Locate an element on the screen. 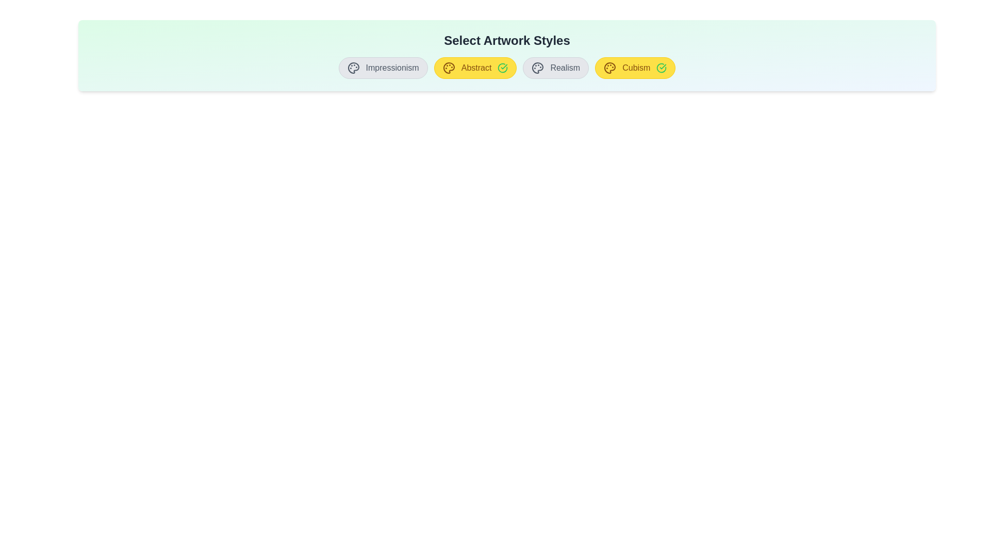 The width and height of the screenshot is (990, 557). the artwork style button corresponding to Cubism is located at coordinates (635, 68).